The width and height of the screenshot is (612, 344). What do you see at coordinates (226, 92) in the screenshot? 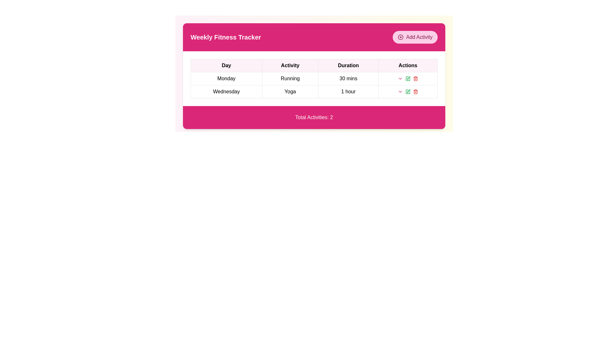
I see `the static text indicating the day of the week in the second row of the table under the column labeled 'Day', positioned to the left of 'Yoga' and '1 hour'` at bounding box center [226, 92].